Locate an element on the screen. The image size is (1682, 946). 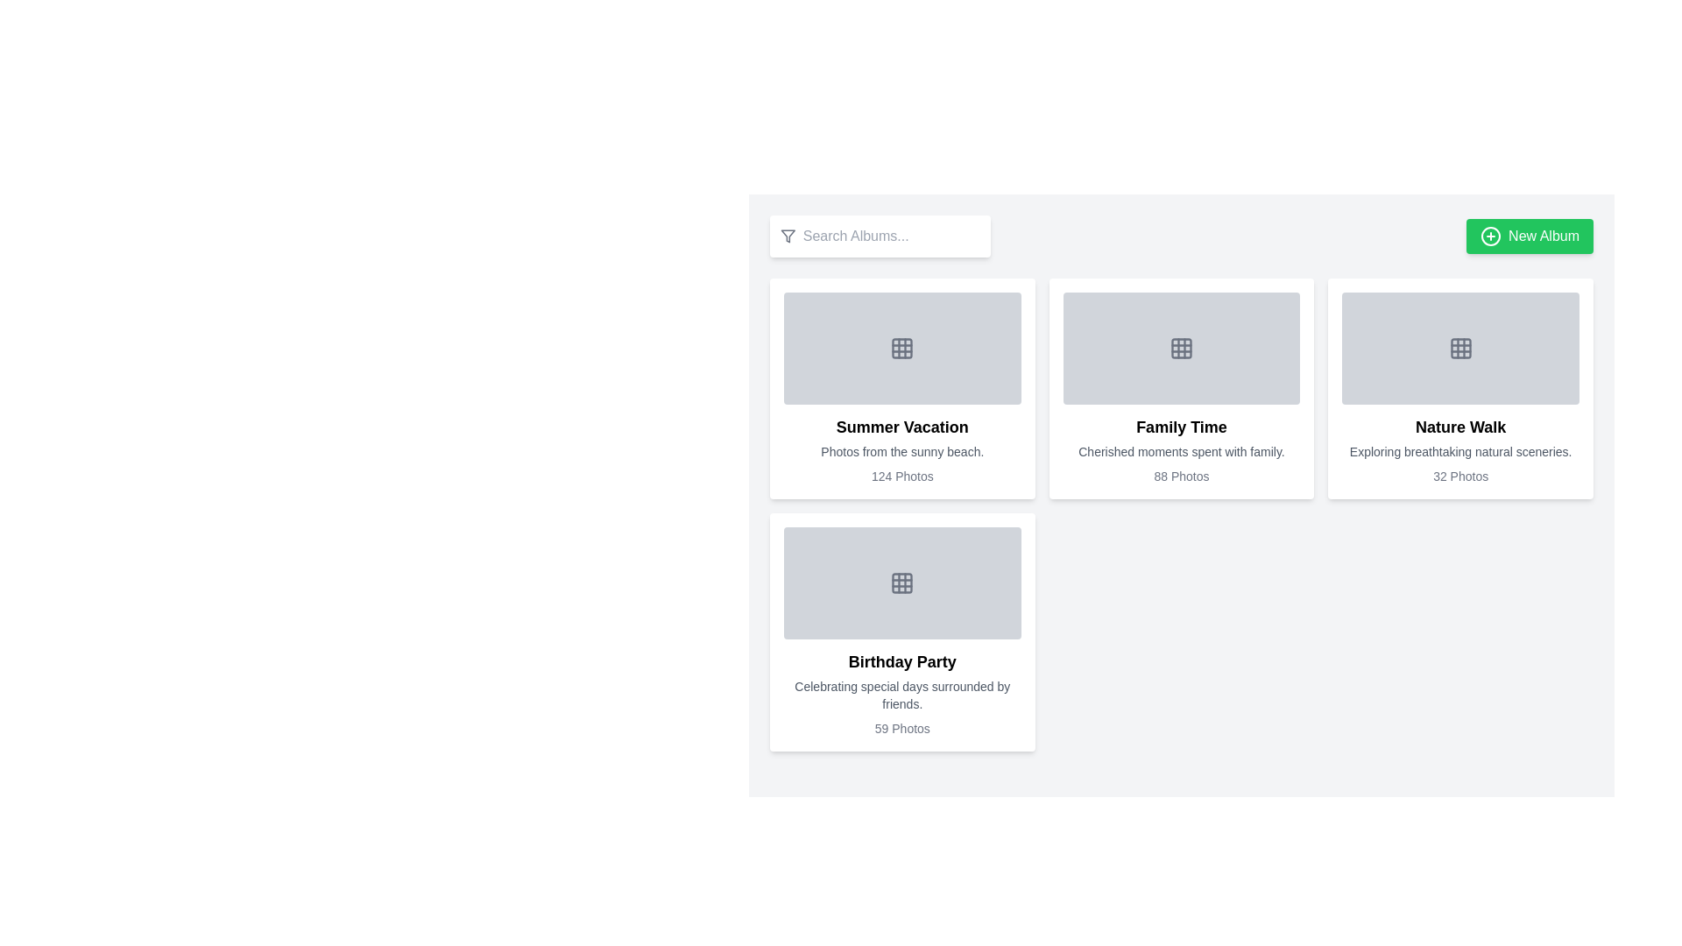
the descriptive subtitle text that provides context for the photo album themed around a summer vacation to trigger a tooltip is located at coordinates (902, 451).